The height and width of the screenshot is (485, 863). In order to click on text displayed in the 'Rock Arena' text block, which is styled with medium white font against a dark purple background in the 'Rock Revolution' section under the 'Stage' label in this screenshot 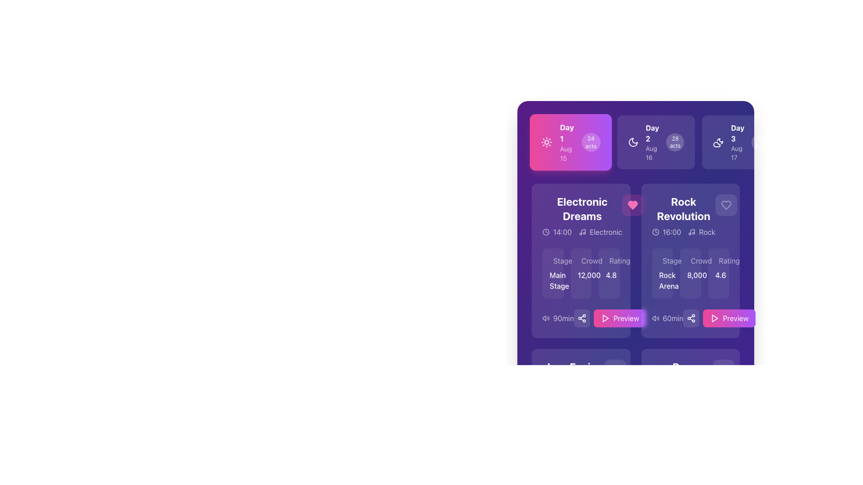, I will do `click(662, 273)`.